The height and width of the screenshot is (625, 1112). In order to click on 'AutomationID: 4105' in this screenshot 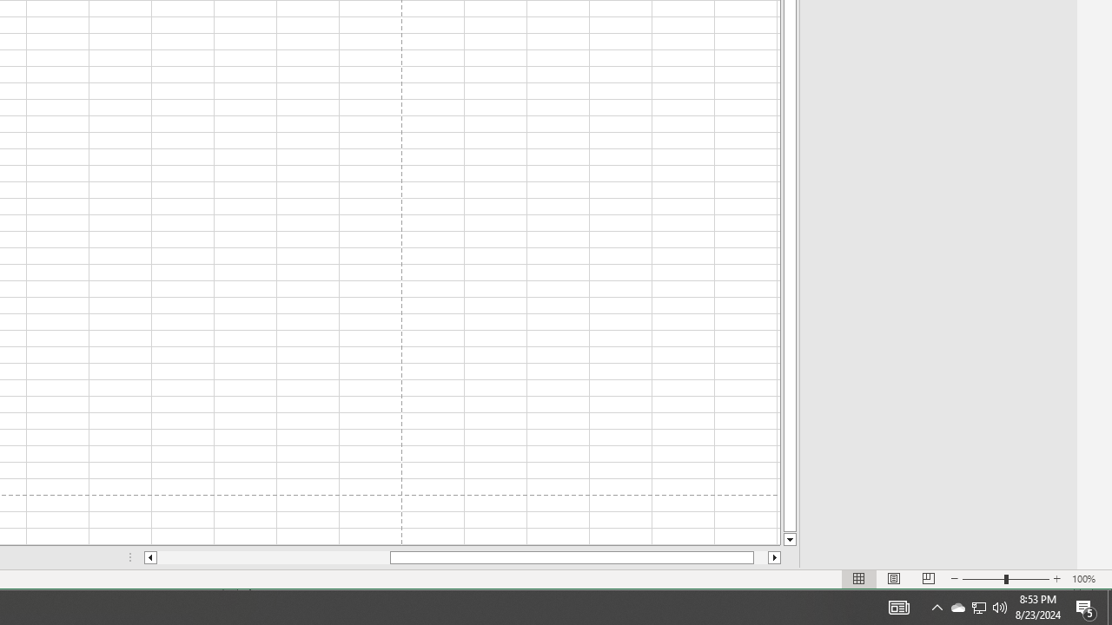, I will do `click(898, 606)`.